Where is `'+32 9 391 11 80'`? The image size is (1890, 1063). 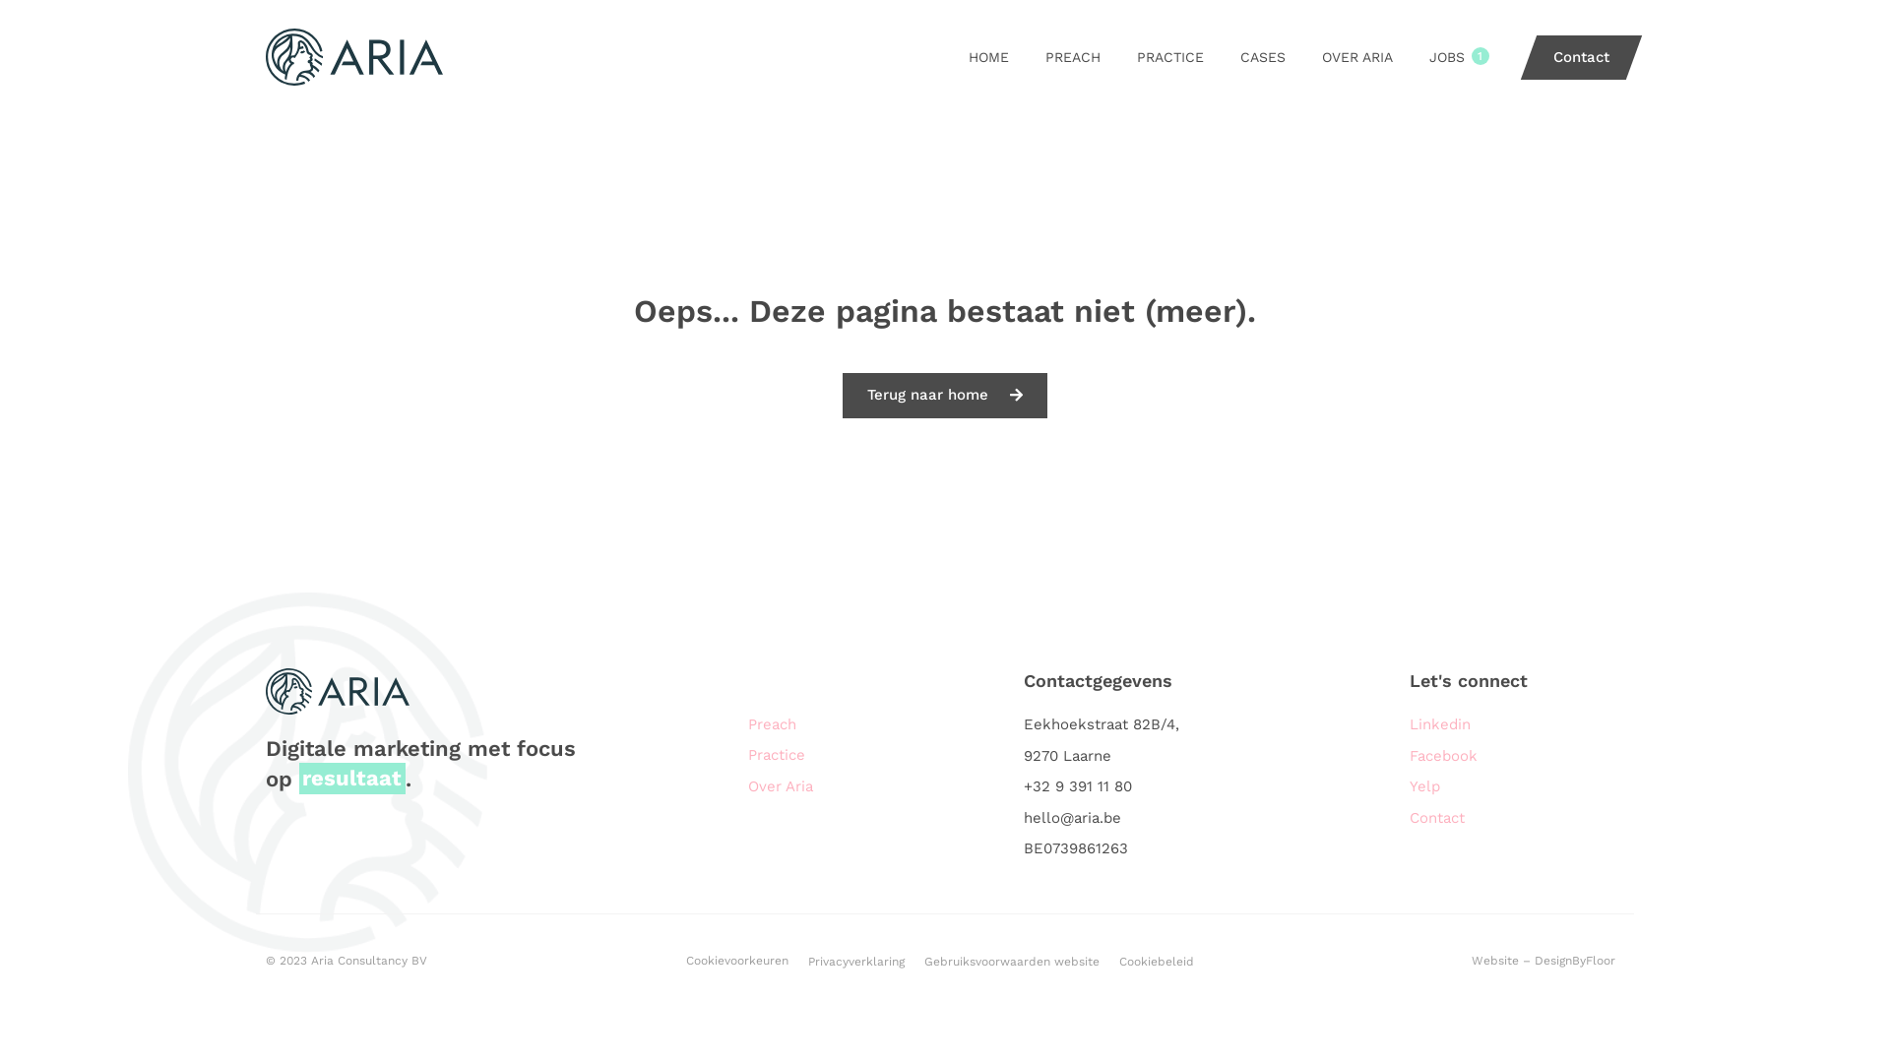 '+32 9 391 11 80' is located at coordinates (1152, 785).